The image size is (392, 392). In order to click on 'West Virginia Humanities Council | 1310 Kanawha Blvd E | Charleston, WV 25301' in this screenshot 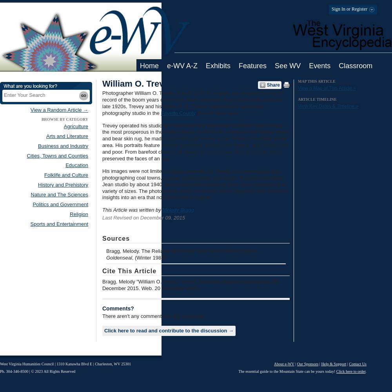, I will do `click(65, 364)`.